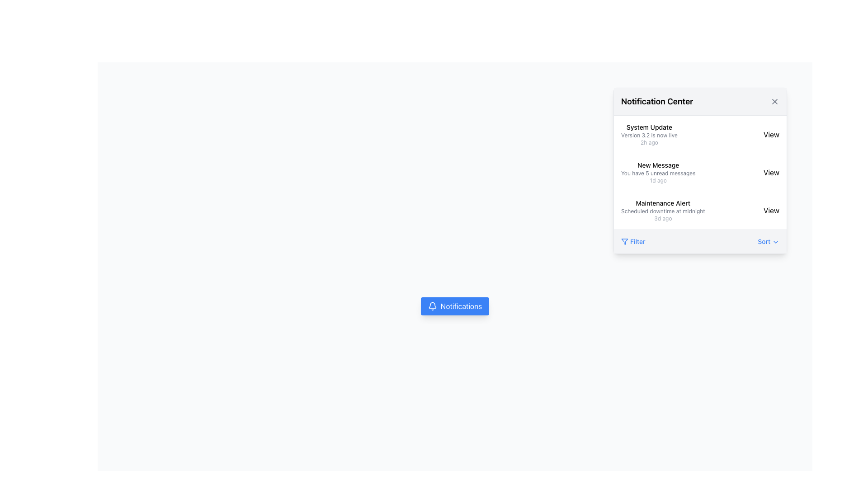 This screenshot has width=868, height=488. What do you see at coordinates (649, 136) in the screenshot?
I see `the Text Display that shows information about the status of an update, positioned below 'System Update' and above '2h ago' in the Notification Center dialog` at bounding box center [649, 136].